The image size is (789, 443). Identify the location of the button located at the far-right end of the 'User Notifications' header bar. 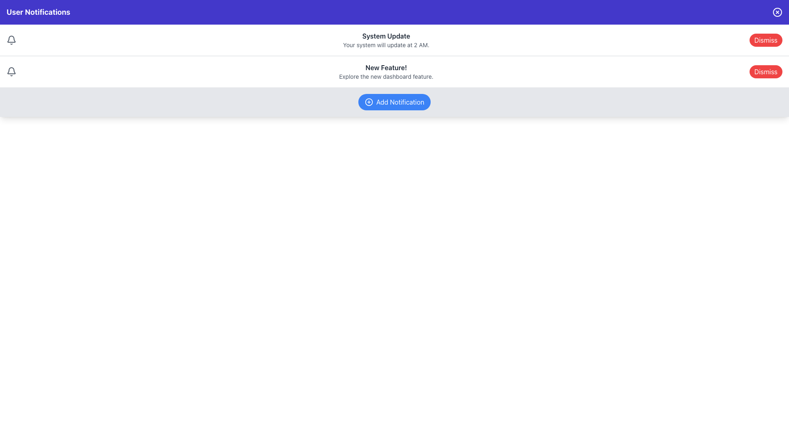
(777, 12).